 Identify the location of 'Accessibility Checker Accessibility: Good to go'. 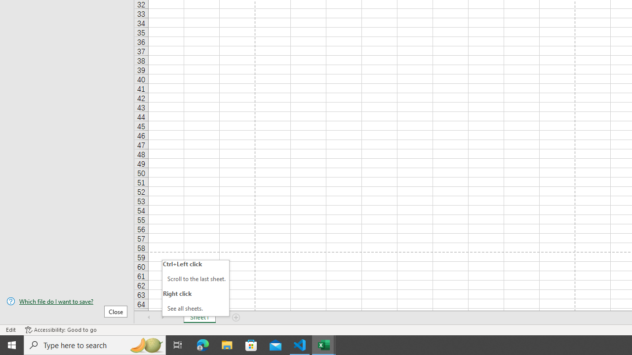
(60, 330).